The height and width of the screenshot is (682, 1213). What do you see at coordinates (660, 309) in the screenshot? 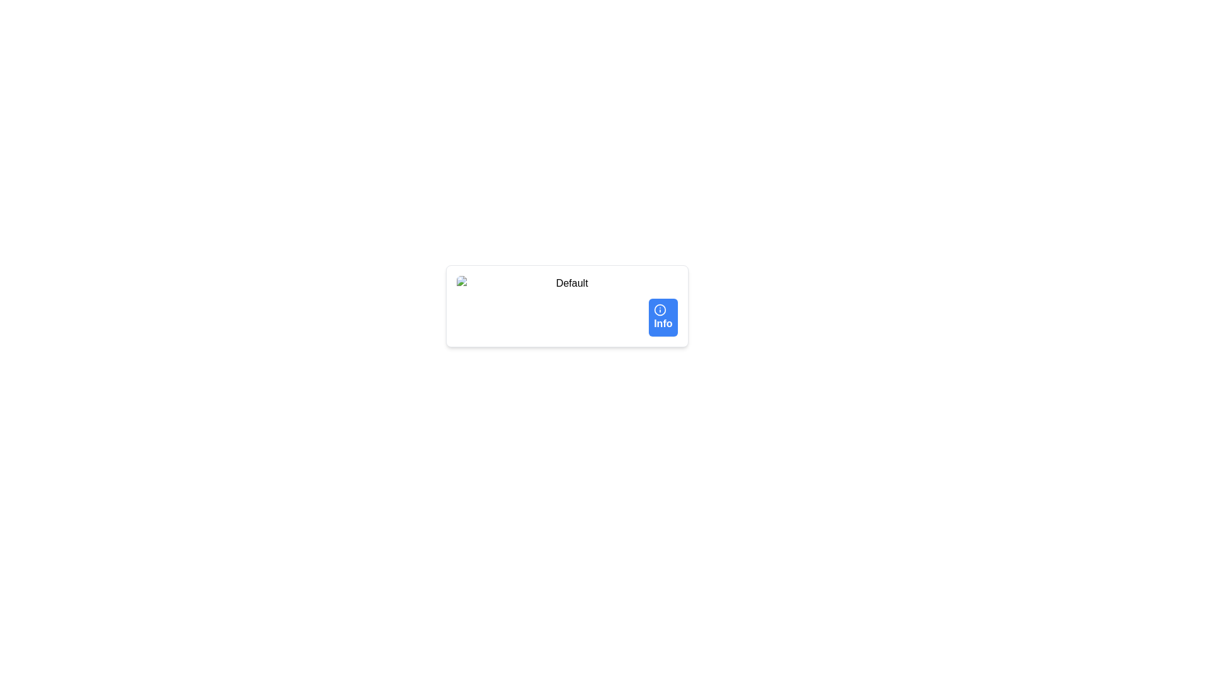
I see `the circular icon with a blue background located within the 'Info' button` at bounding box center [660, 309].